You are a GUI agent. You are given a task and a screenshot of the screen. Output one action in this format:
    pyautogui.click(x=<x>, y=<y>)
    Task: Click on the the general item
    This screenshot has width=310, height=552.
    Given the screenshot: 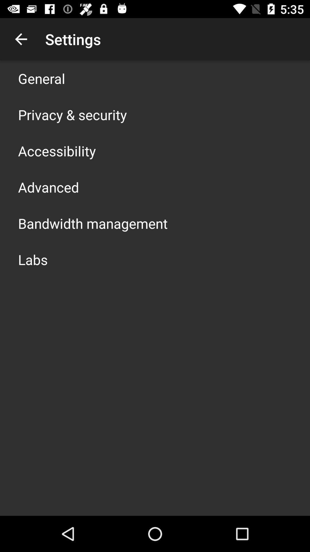 What is the action you would take?
    pyautogui.click(x=41, y=78)
    